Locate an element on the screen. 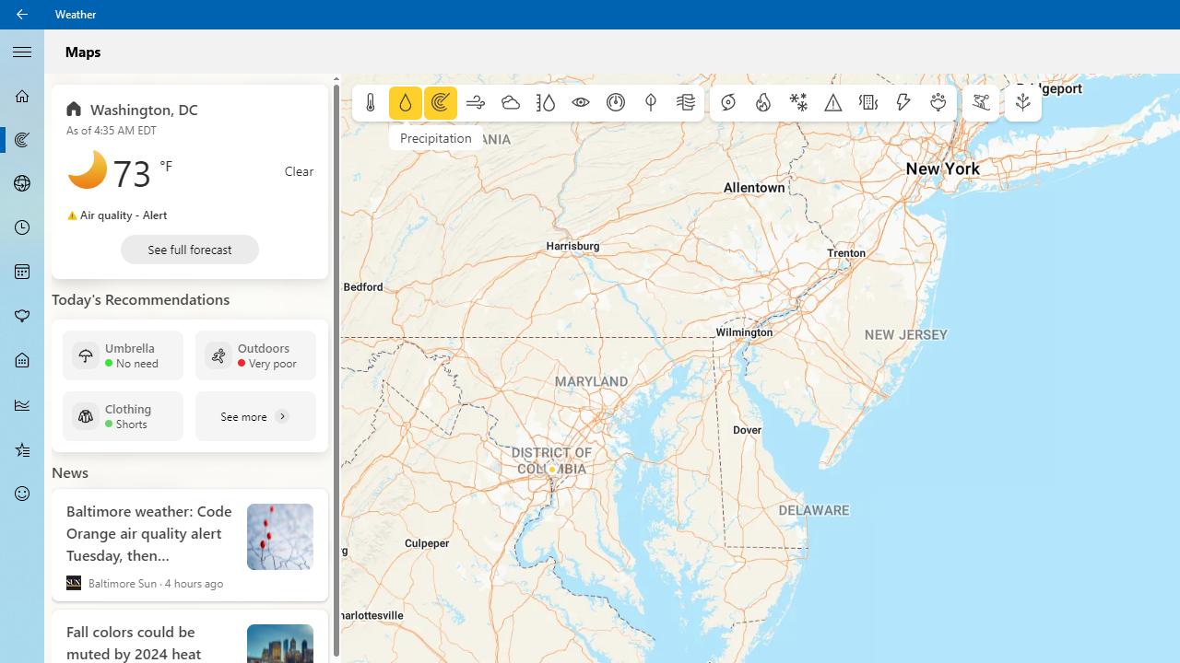 Image resolution: width=1180 pixels, height=663 pixels. 'Favorites - Not Selected' is located at coordinates (22, 448).